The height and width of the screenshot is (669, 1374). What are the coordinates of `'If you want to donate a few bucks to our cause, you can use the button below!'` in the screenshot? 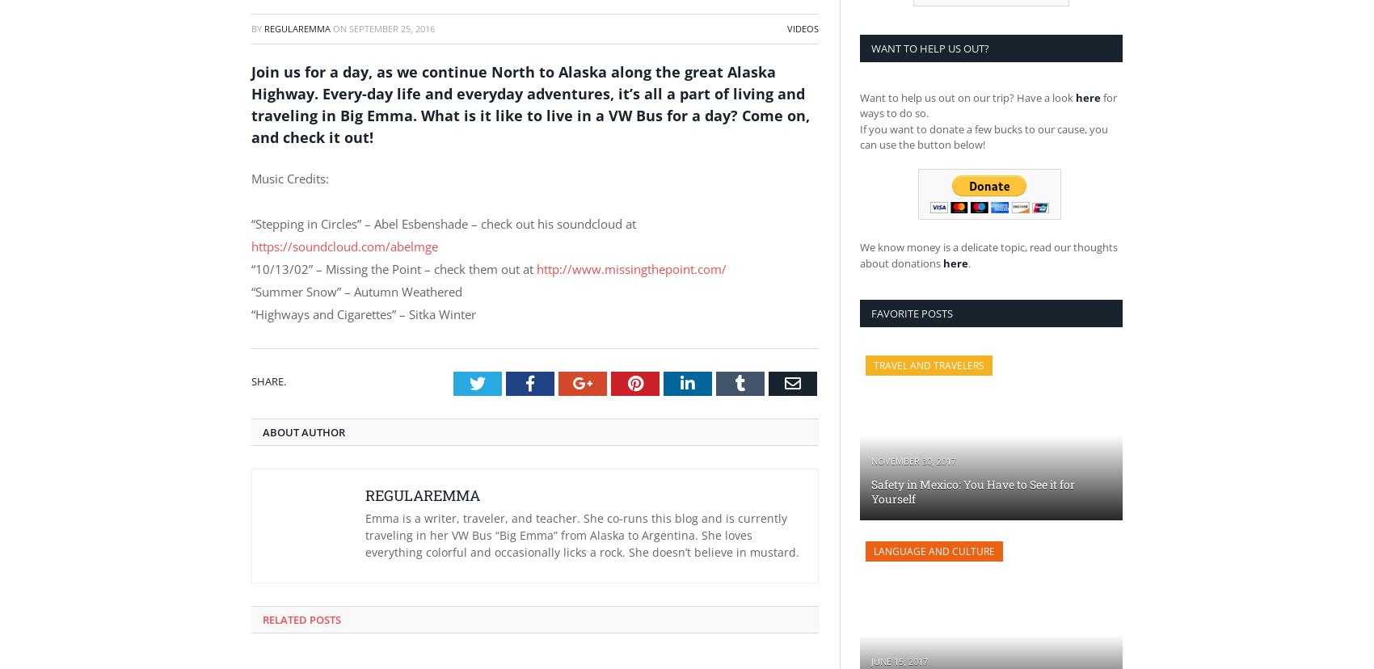 It's located at (983, 136).